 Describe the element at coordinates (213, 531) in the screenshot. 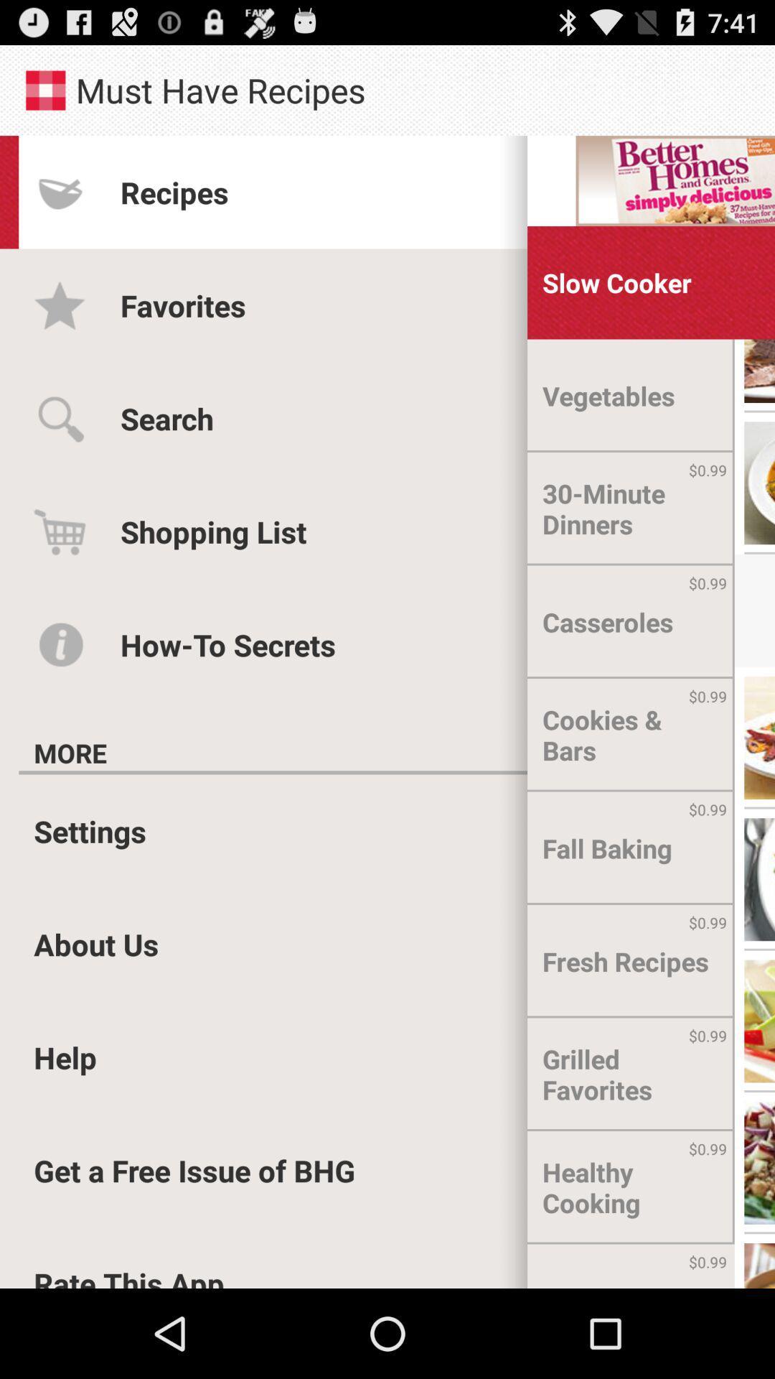

I see `icon above the how-to secrets icon` at that location.